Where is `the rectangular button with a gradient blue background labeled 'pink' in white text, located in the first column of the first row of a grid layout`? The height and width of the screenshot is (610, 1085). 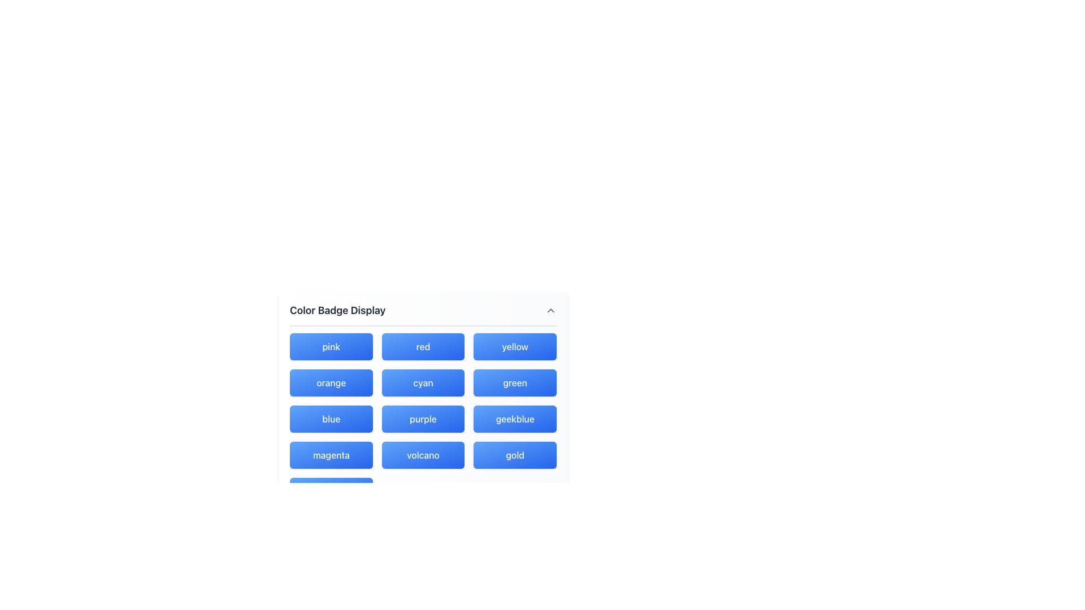 the rectangular button with a gradient blue background labeled 'pink' in white text, located in the first column of the first row of a grid layout is located at coordinates (330, 346).